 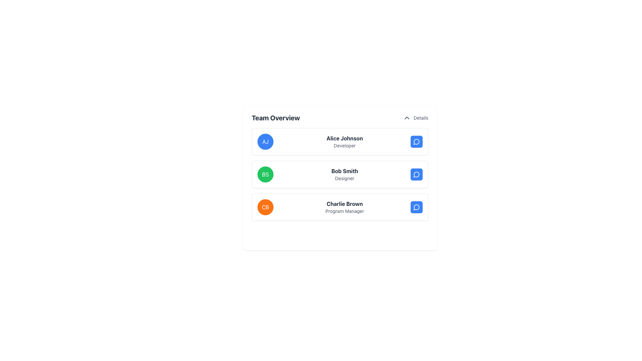 I want to click on the text display element that shows the name and job title of an individual, located within a horizontal card structure, next to a circular avatar with initials 'CB' and a blue button icon, so click(x=345, y=207).